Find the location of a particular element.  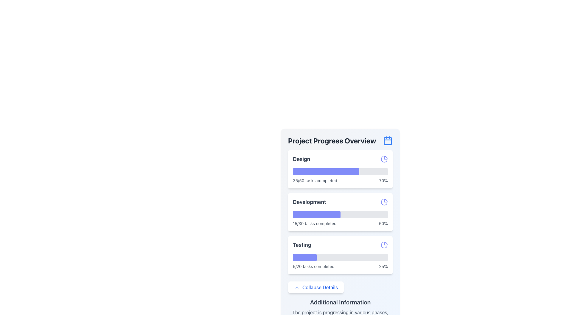

the Progress indicator representing 25% completion for the Testing phase of the project is located at coordinates (304, 257).